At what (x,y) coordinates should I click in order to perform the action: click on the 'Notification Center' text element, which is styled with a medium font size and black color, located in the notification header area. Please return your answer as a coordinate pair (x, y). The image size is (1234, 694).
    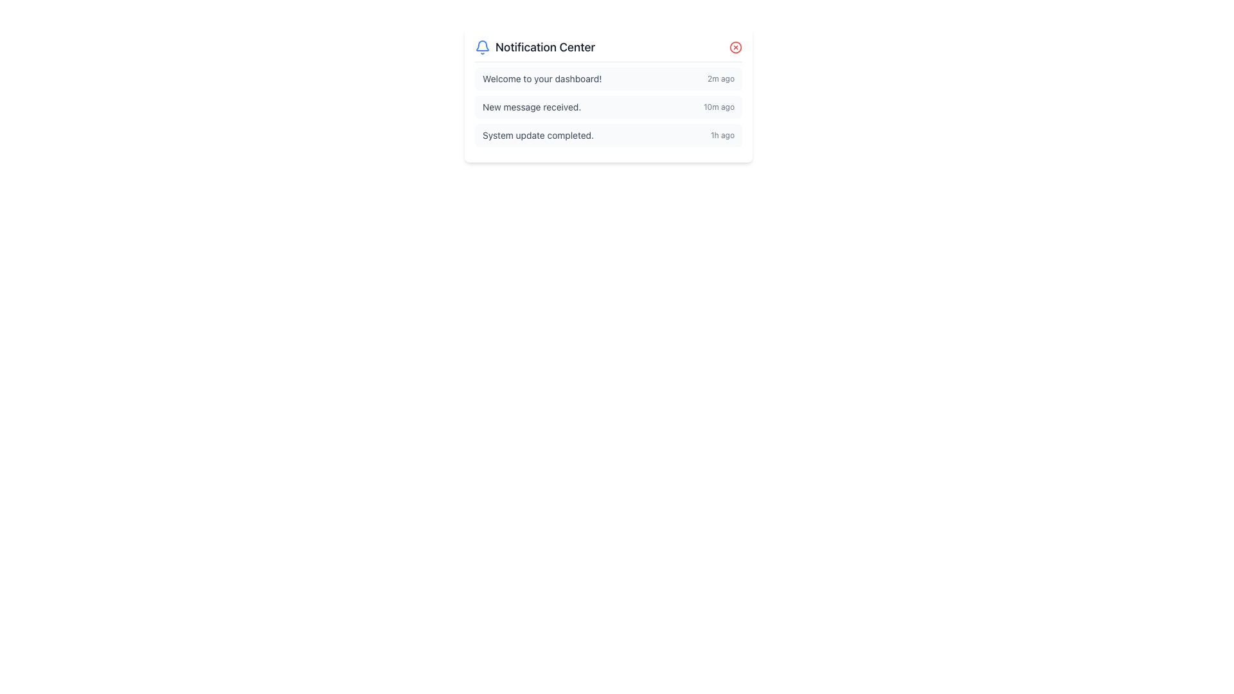
    Looking at the image, I should click on (545, 46).